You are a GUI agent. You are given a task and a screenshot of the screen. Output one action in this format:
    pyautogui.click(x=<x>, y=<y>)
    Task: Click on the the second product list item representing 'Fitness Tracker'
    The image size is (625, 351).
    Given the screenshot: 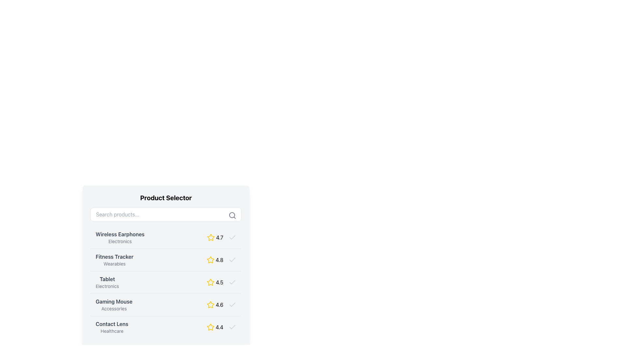 What is the action you would take?
    pyautogui.click(x=166, y=259)
    